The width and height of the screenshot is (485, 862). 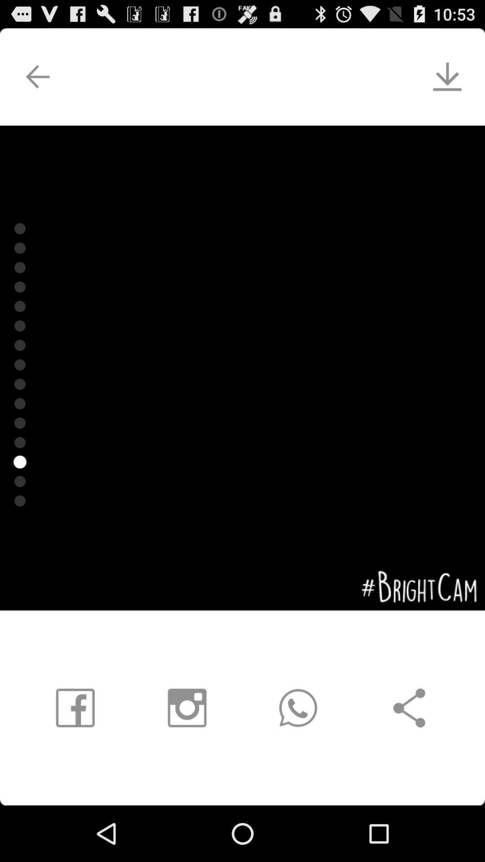 What do you see at coordinates (63, 757) in the screenshot?
I see `the facebook icon` at bounding box center [63, 757].